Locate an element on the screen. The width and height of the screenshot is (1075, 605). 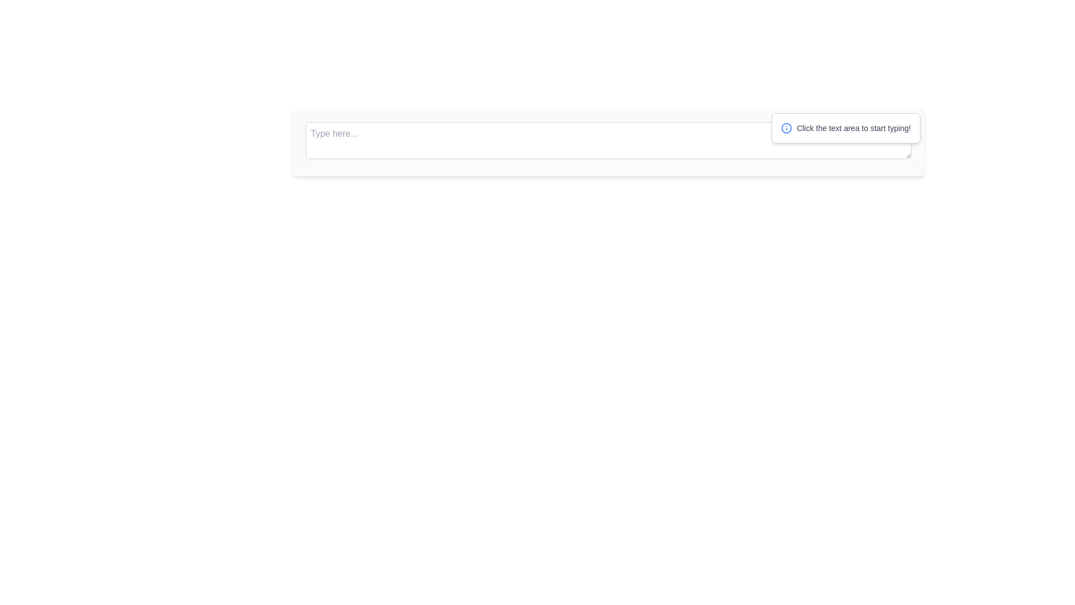
the Informative Label that displays the message 'Click the text area to start typing!' is located at coordinates (846, 127).